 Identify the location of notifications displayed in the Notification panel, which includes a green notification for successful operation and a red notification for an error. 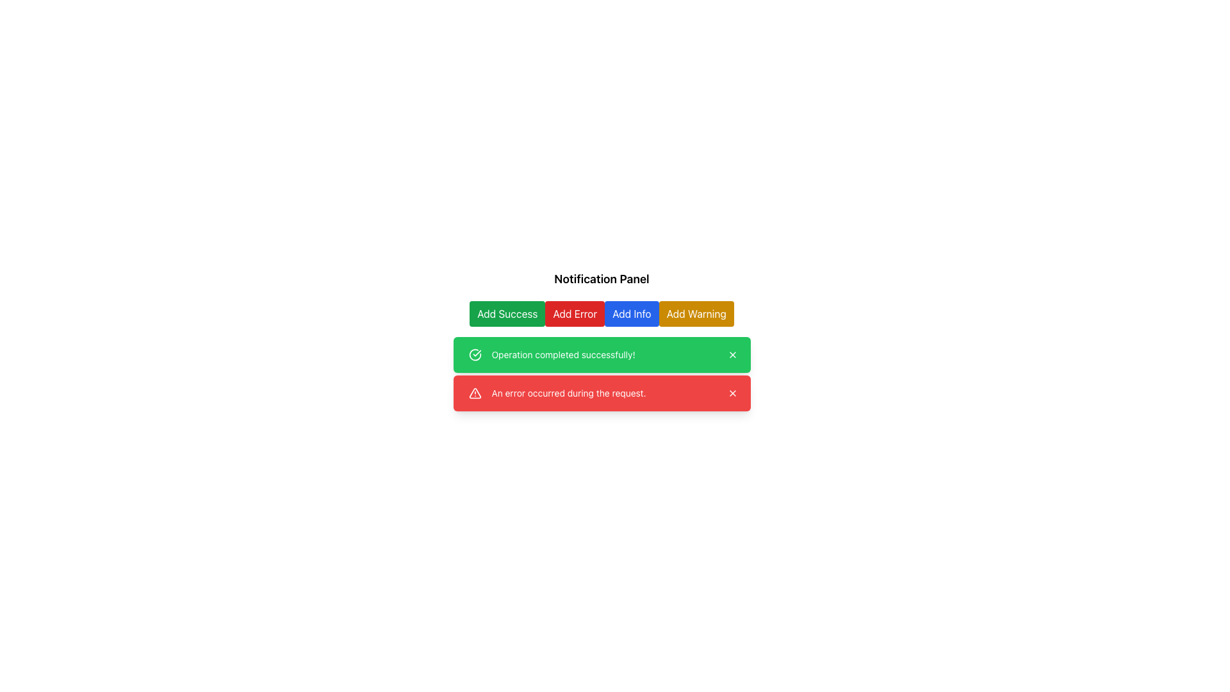
(601, 374).